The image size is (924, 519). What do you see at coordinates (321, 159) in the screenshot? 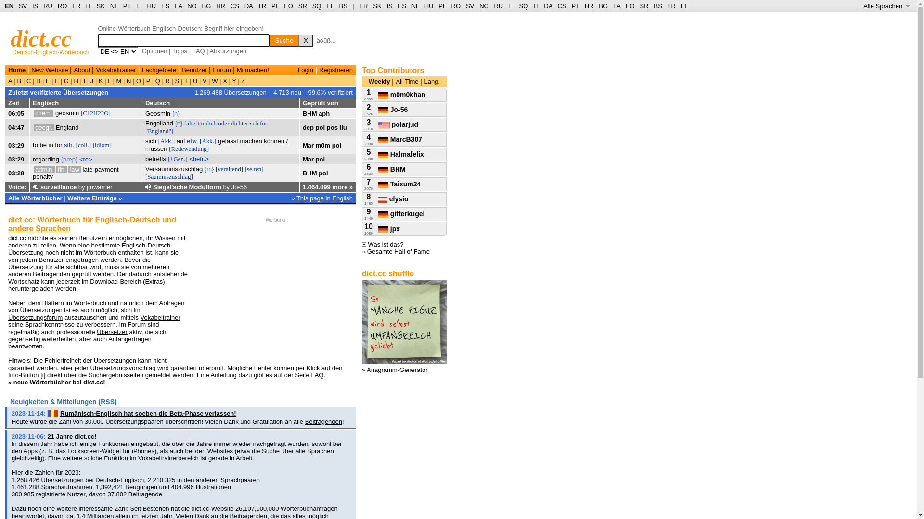
I see `'pol'` at bounding box center [321, 159].